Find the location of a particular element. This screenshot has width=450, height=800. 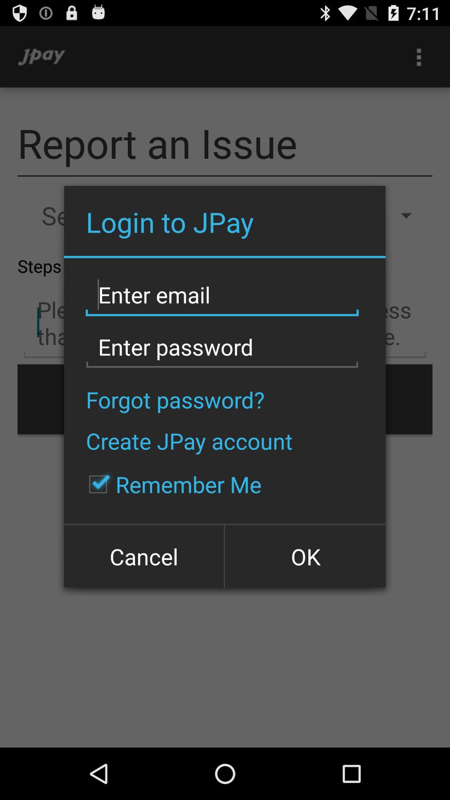

the item at the bottom right corner is located at coordinates (305, 555).